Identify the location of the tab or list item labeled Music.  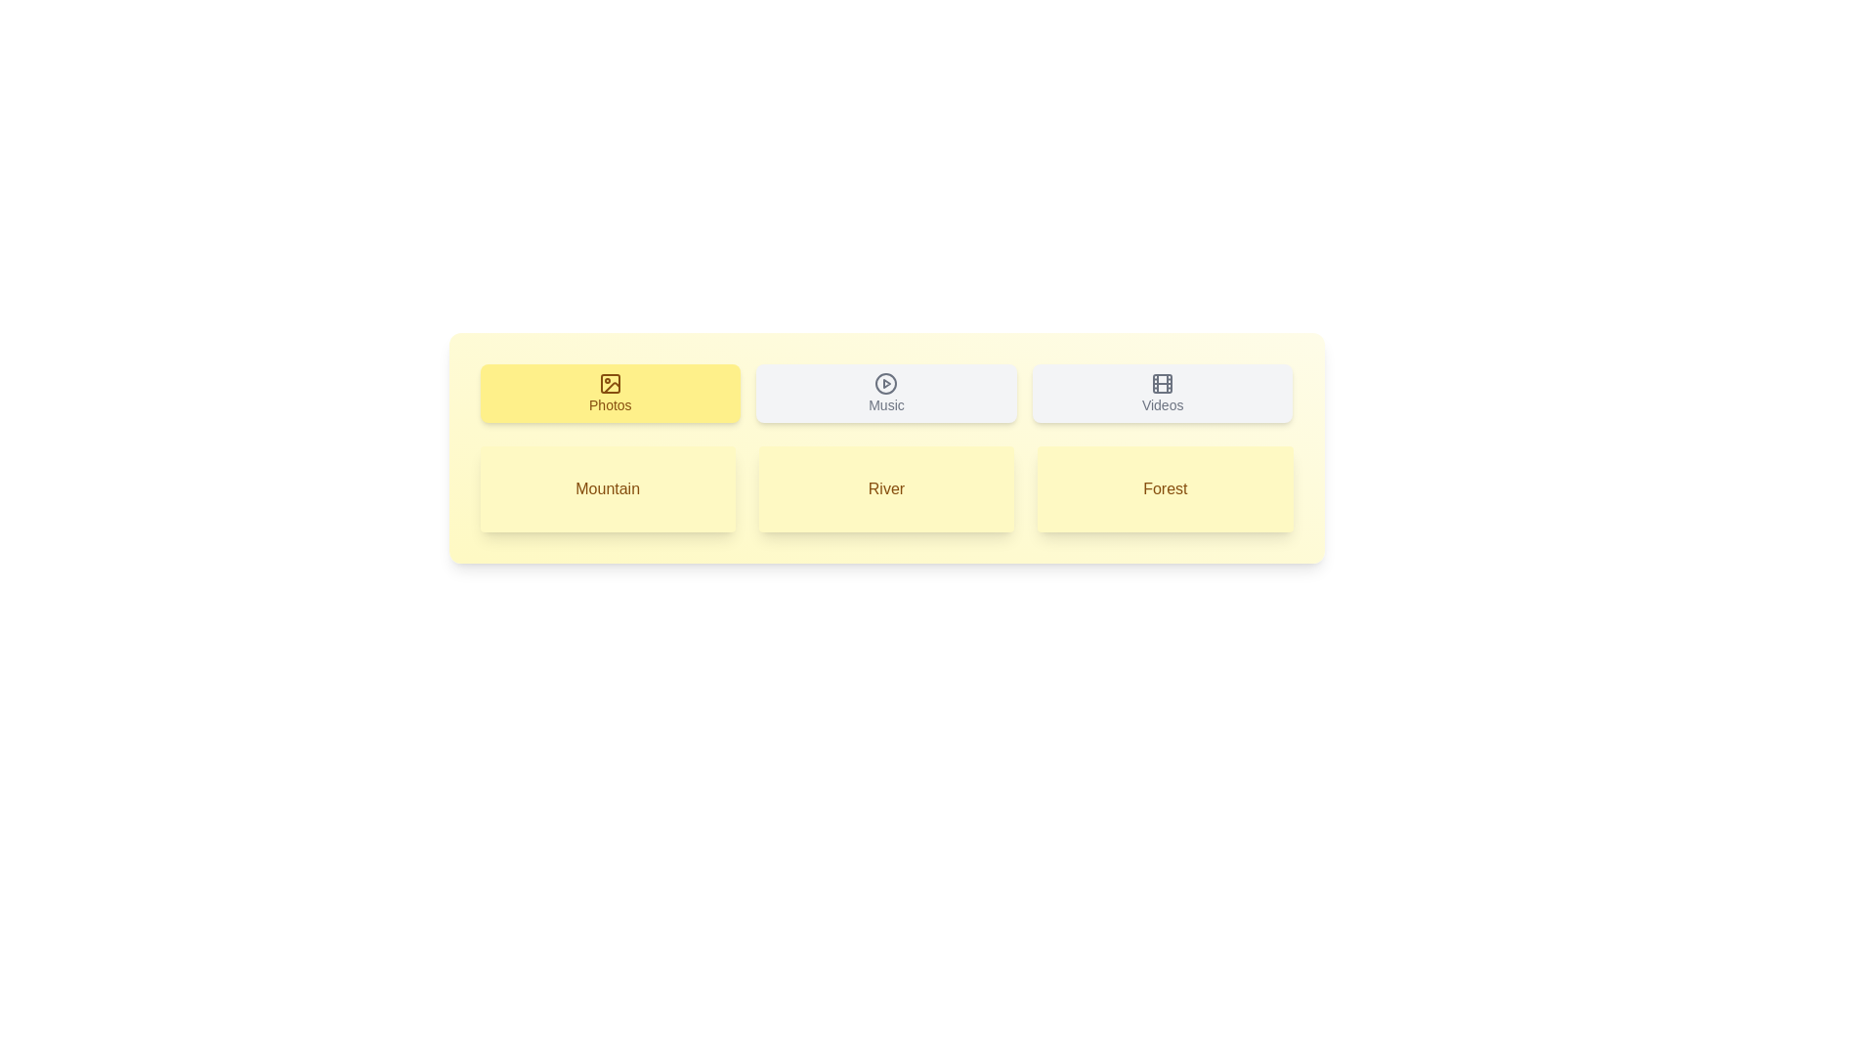
(885, 393).